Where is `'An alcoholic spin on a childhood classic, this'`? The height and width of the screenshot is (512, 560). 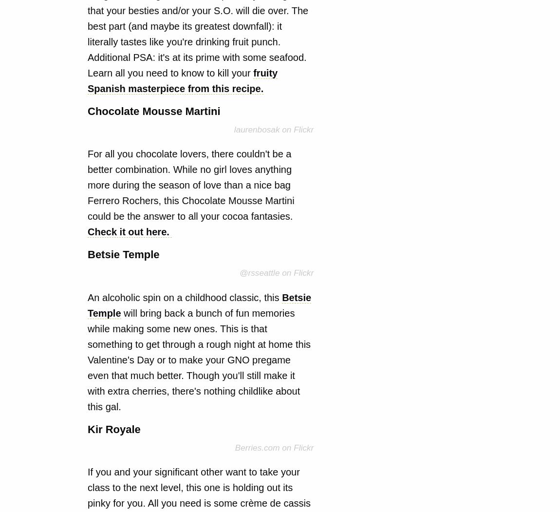
'An alcoholic spin on a childhood classic, this' is located at coordinates (185, 297).